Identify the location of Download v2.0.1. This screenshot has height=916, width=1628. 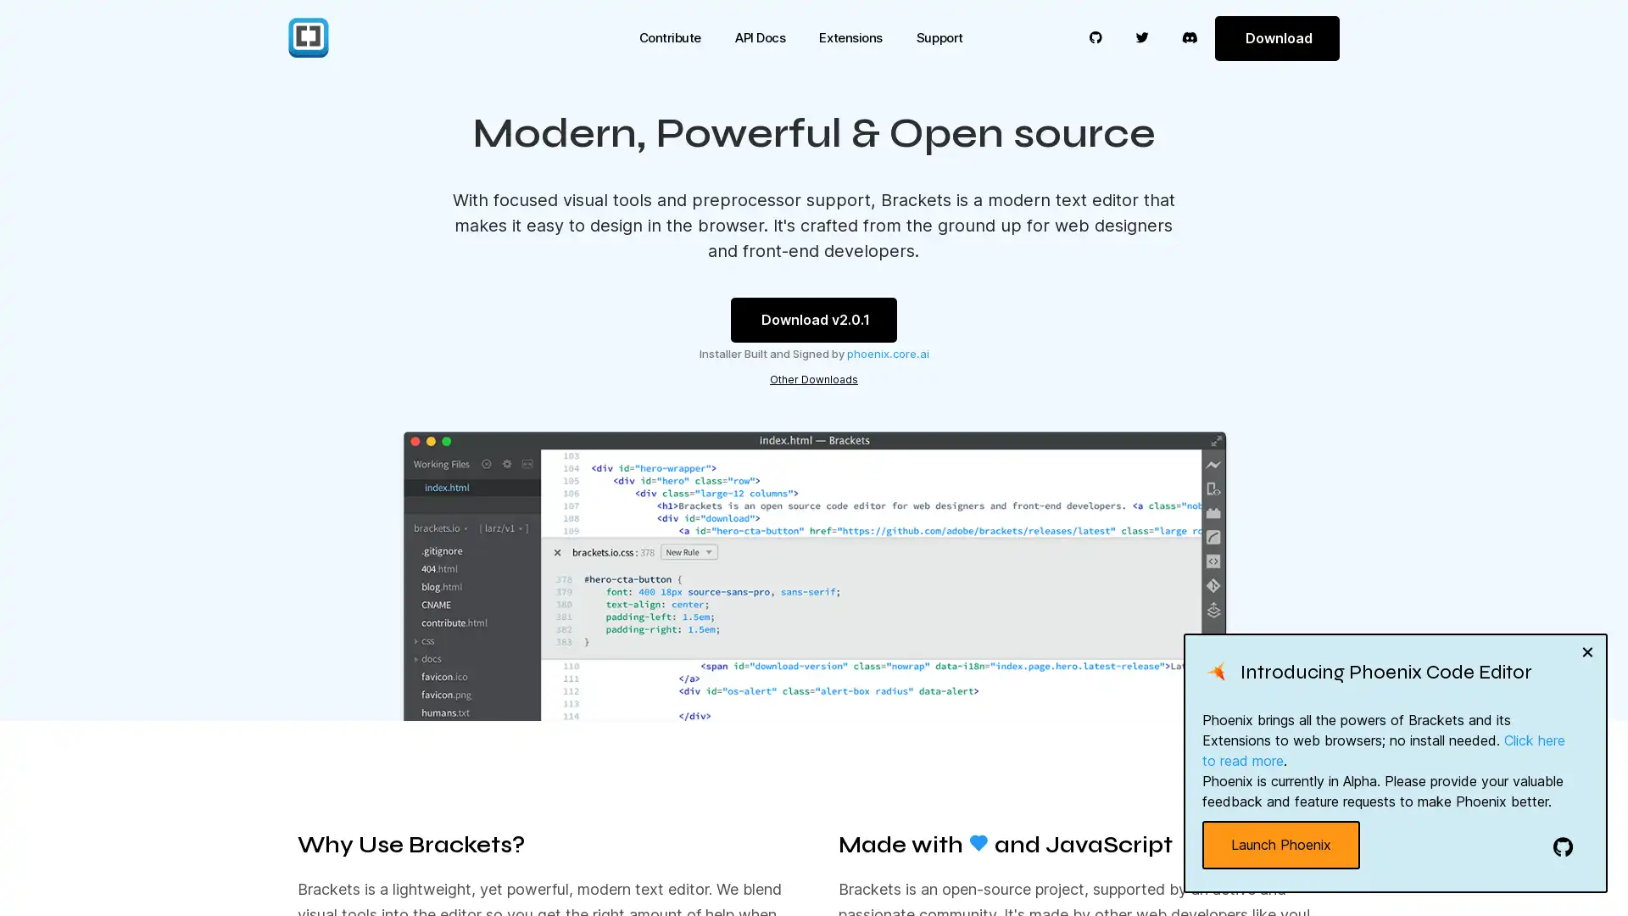
(814, 320).